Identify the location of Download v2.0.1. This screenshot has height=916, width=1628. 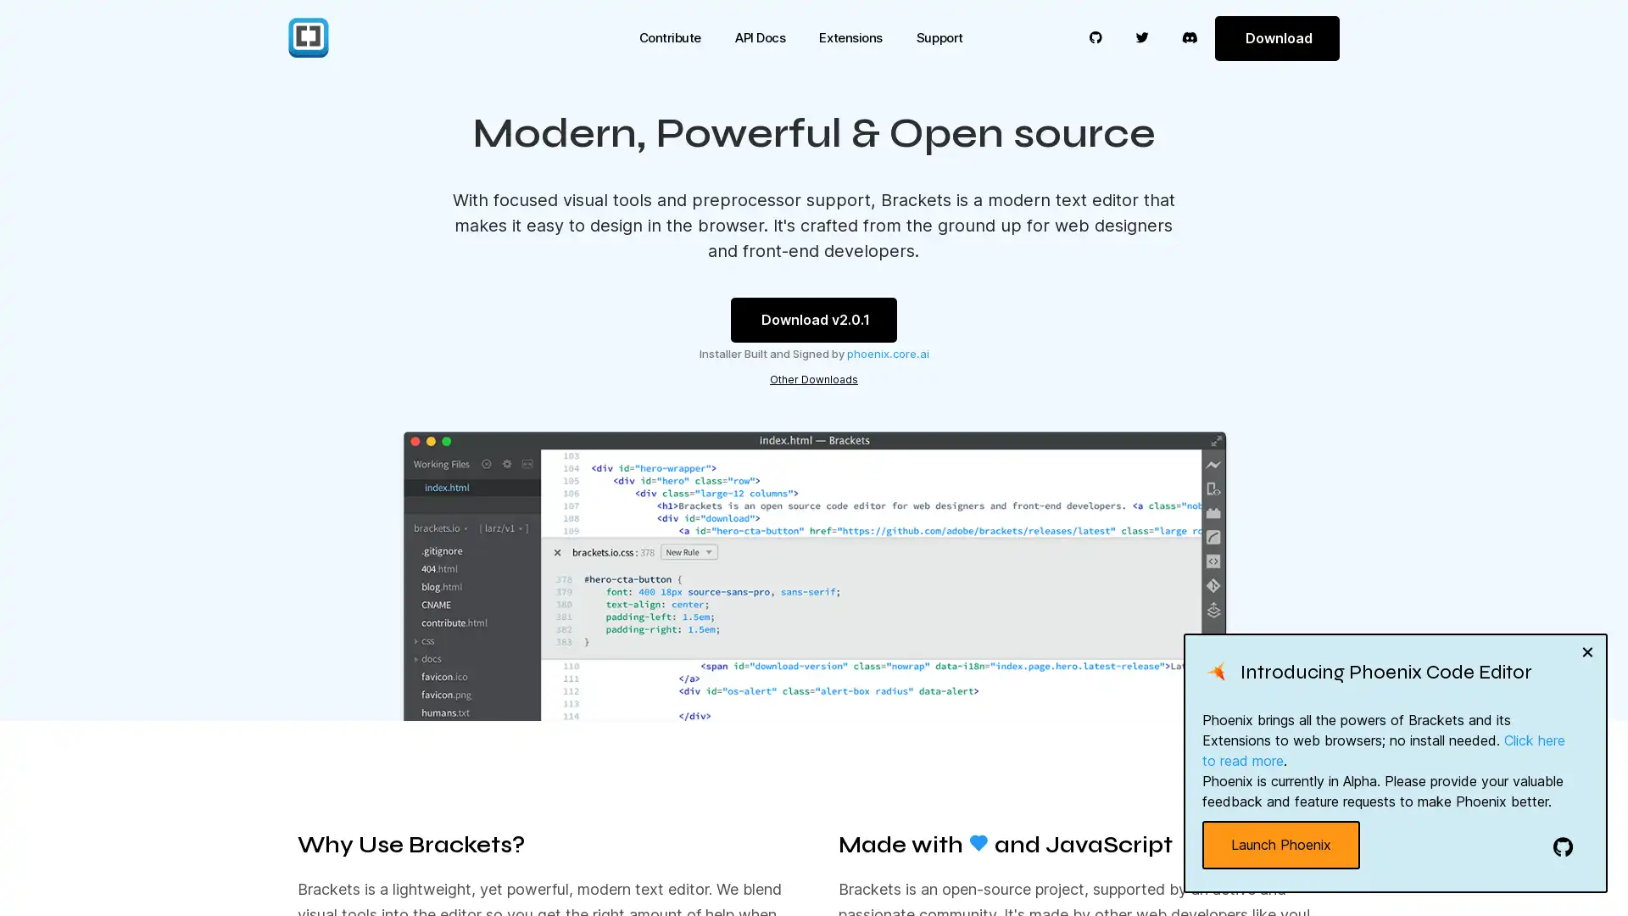
(814, 320).